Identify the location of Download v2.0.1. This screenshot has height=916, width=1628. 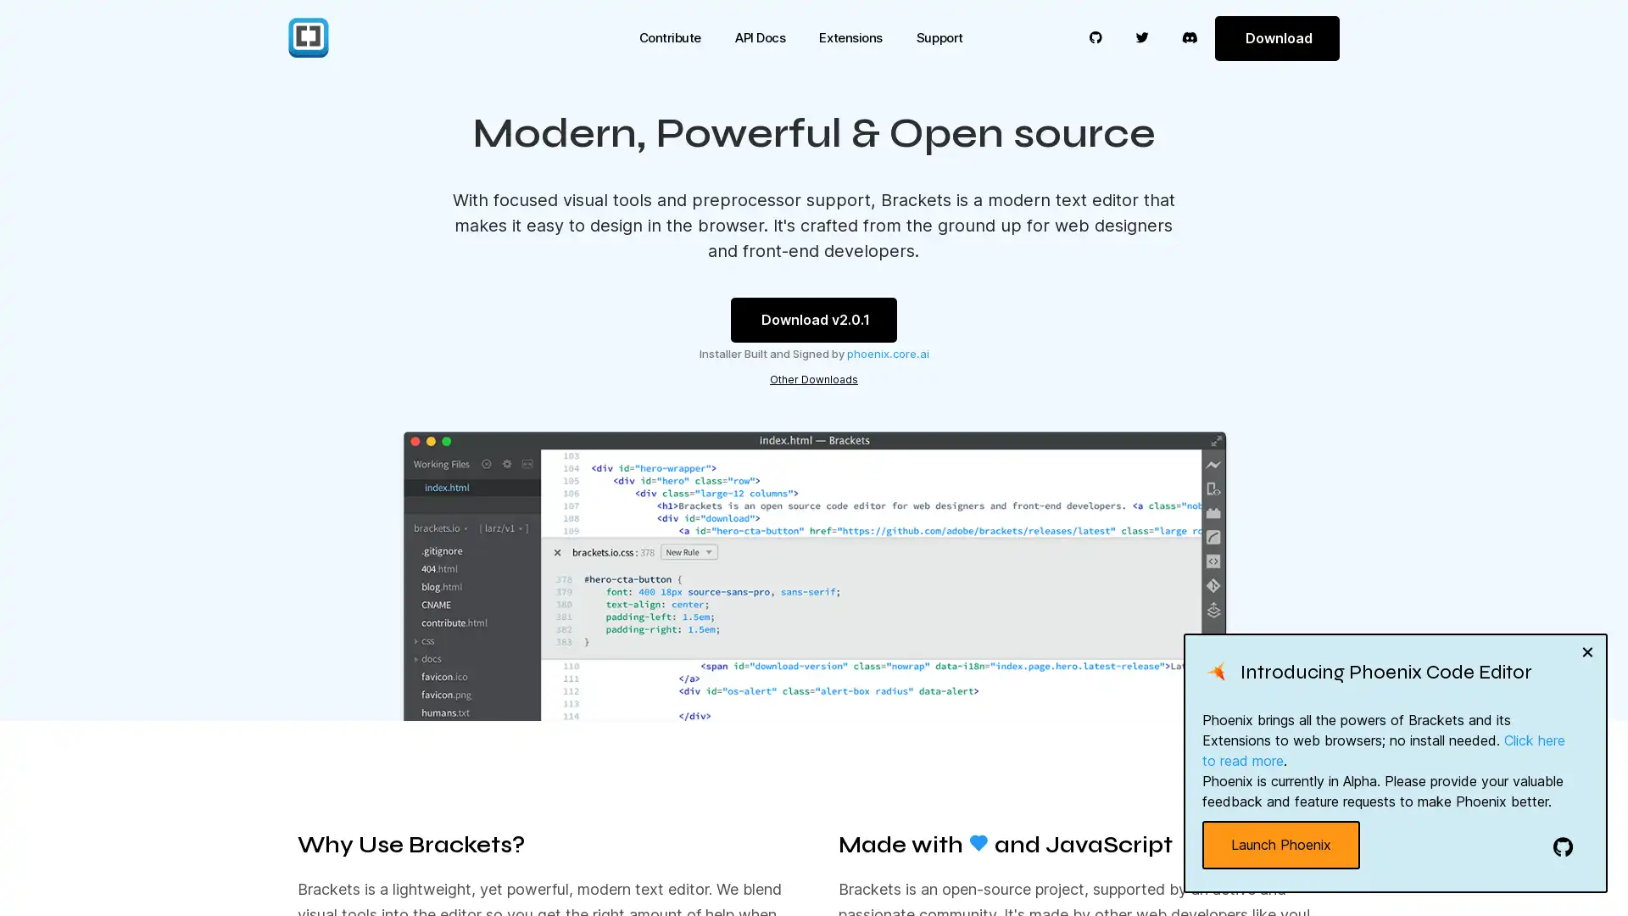
(814, 320).